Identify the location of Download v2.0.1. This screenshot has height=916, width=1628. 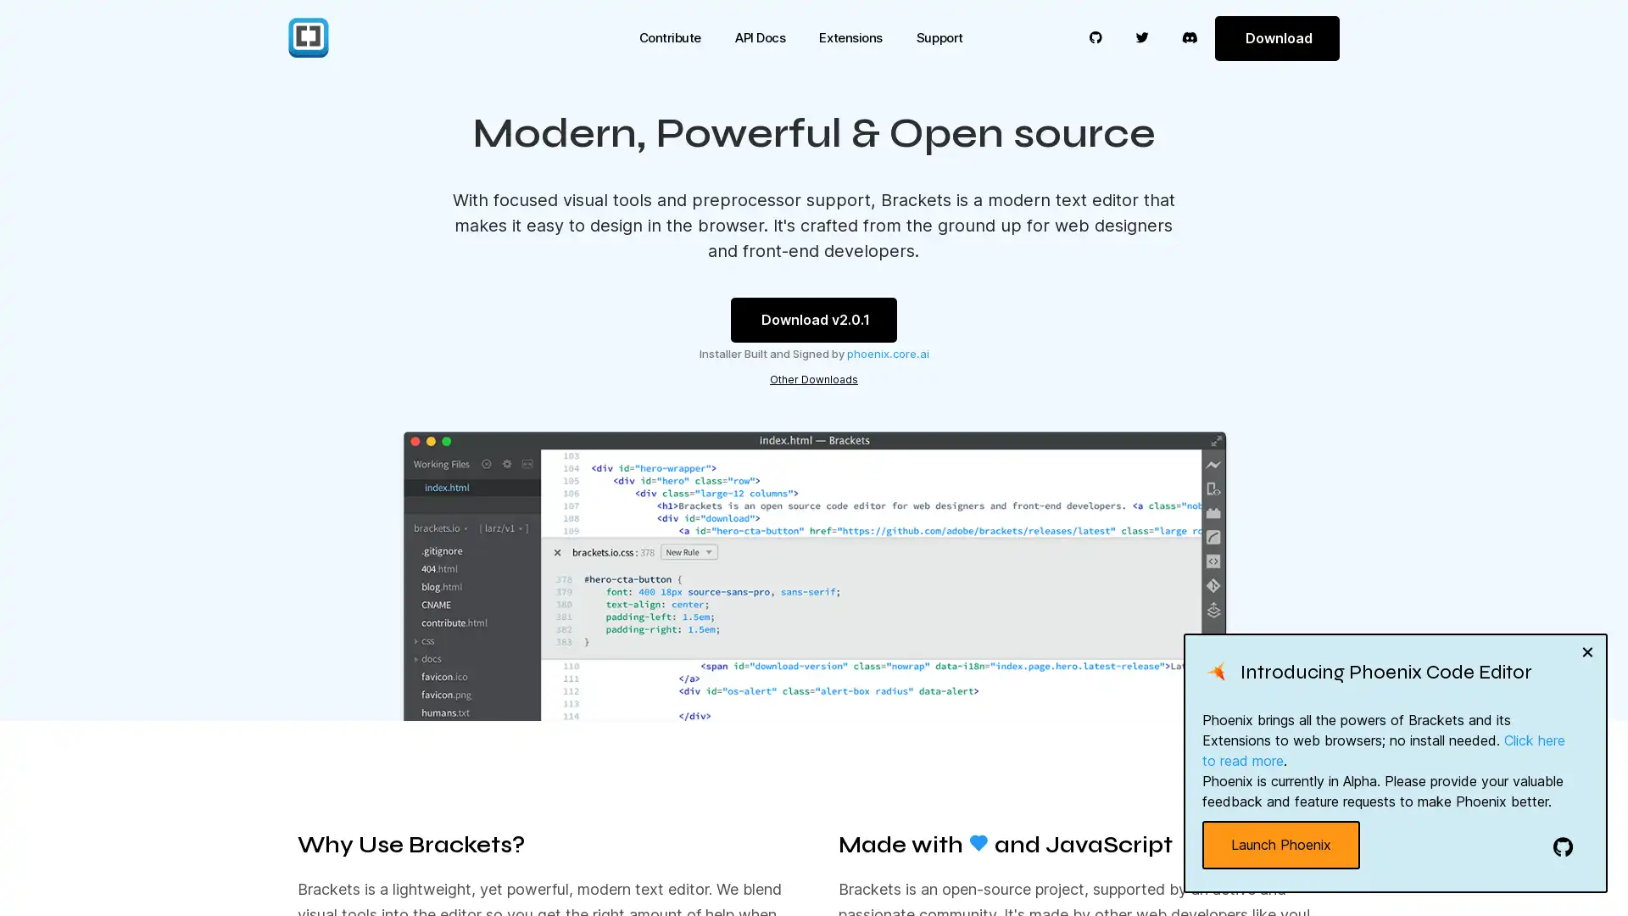
(814, 320).